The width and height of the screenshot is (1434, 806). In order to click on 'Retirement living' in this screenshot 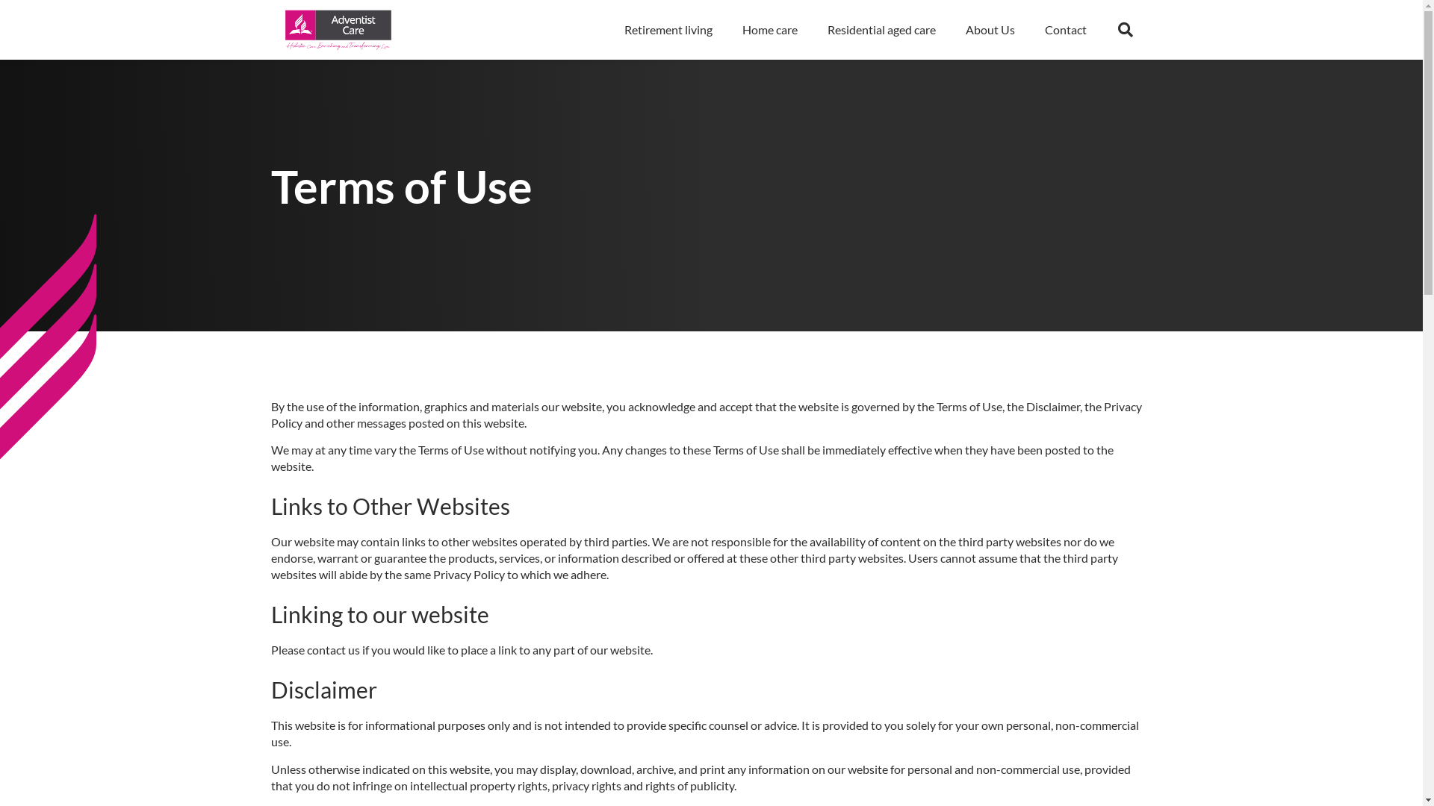, I will do `click(667, 29)`.